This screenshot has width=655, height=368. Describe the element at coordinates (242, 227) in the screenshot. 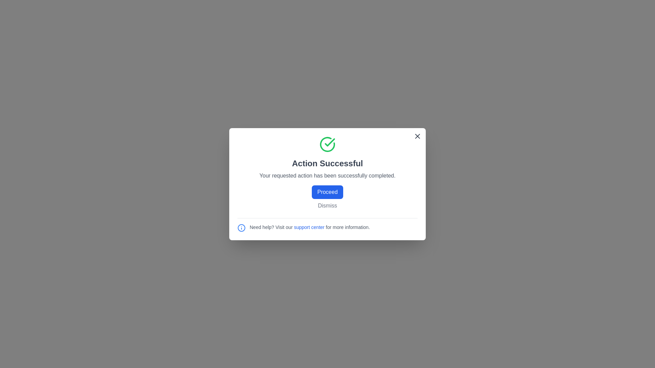

I see `the help icon located to the left of the text 'Need help? Visit our support center for more information.'` at that location.